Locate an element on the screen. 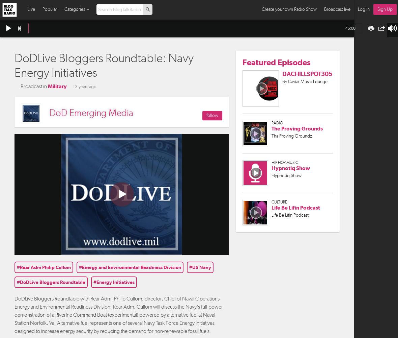 This screenshot has height=338, width=398. 'DACHILLSPOT305' is located at coordinates (307, 73).